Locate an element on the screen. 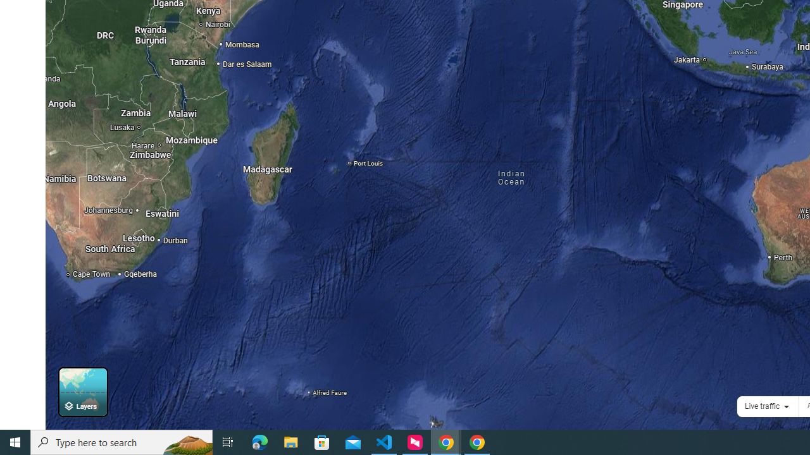 This screenshot has width=810, height=455. 'Live traffic' is located at coordinates (761, 406).